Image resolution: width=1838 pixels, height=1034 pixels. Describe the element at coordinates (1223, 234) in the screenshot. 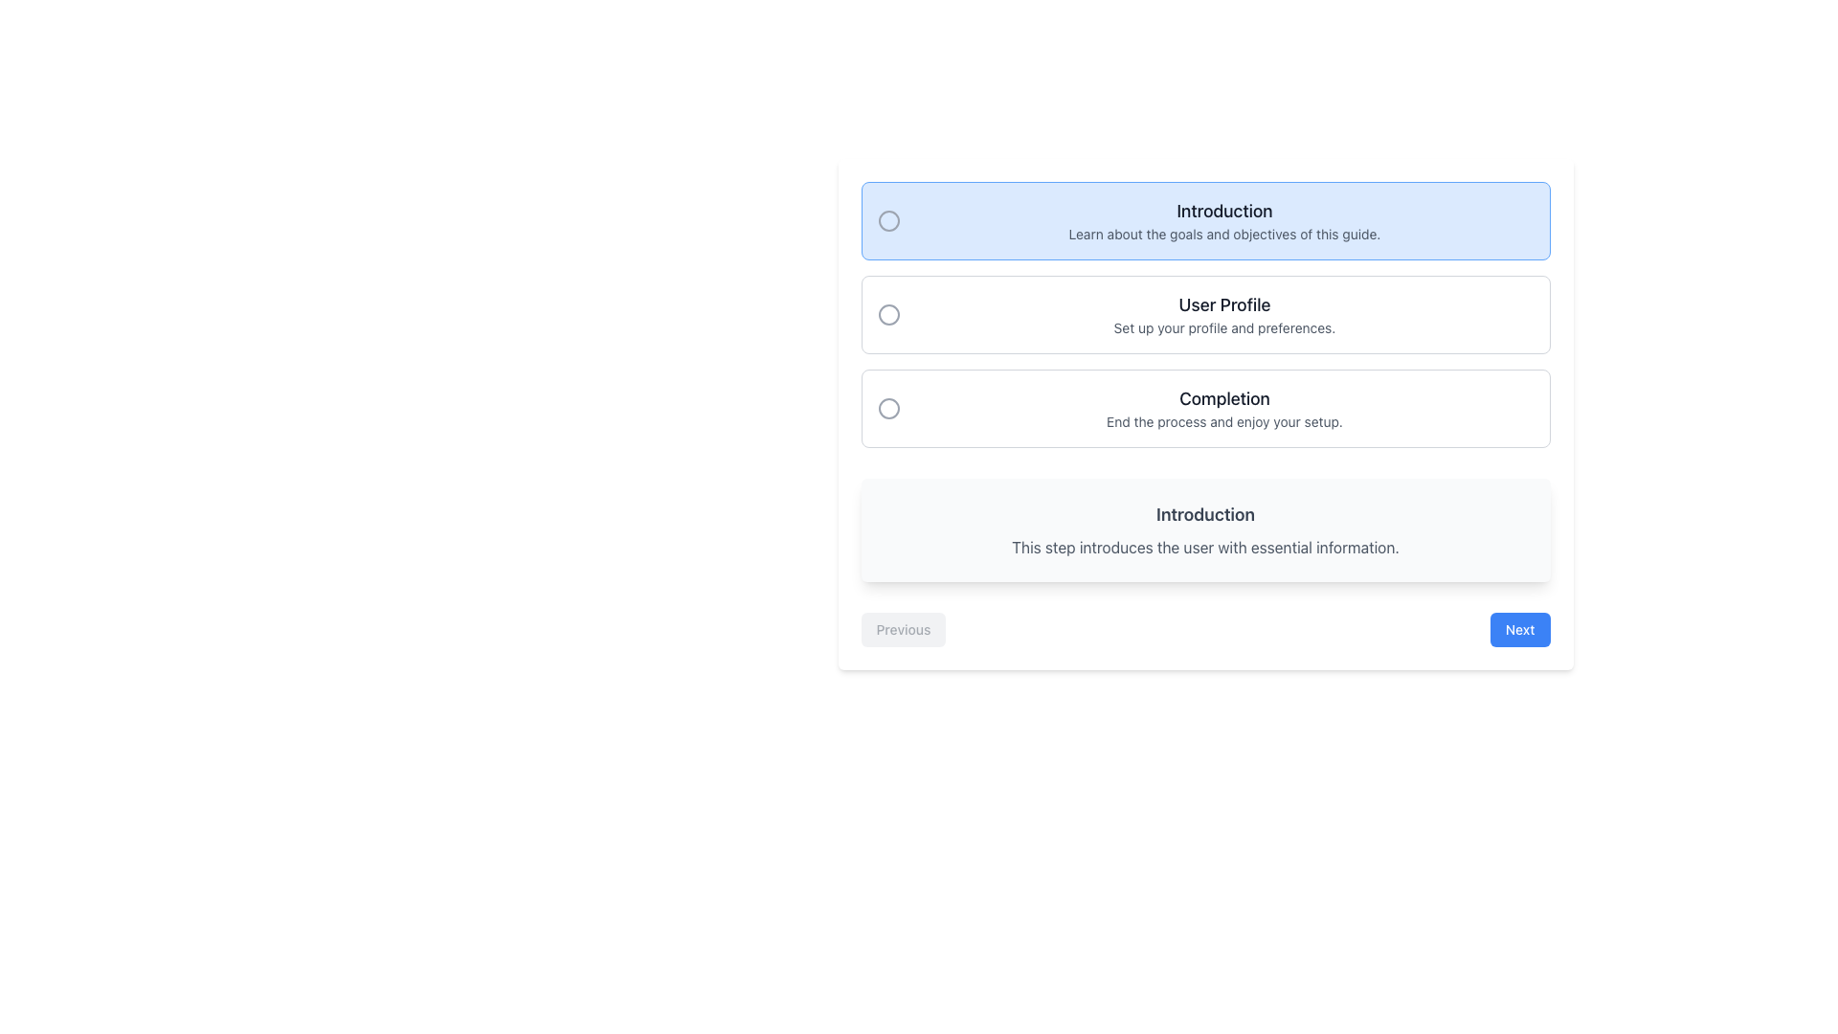

I see `the static descriptive text displaying 'Learn about the goals and objectives of this guide.' which is located directly below the 'Introduction' title` at that location.